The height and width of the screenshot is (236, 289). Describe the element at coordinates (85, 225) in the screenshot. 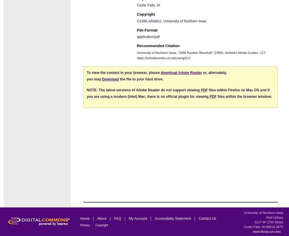

I see `'Privacy'` at that location.